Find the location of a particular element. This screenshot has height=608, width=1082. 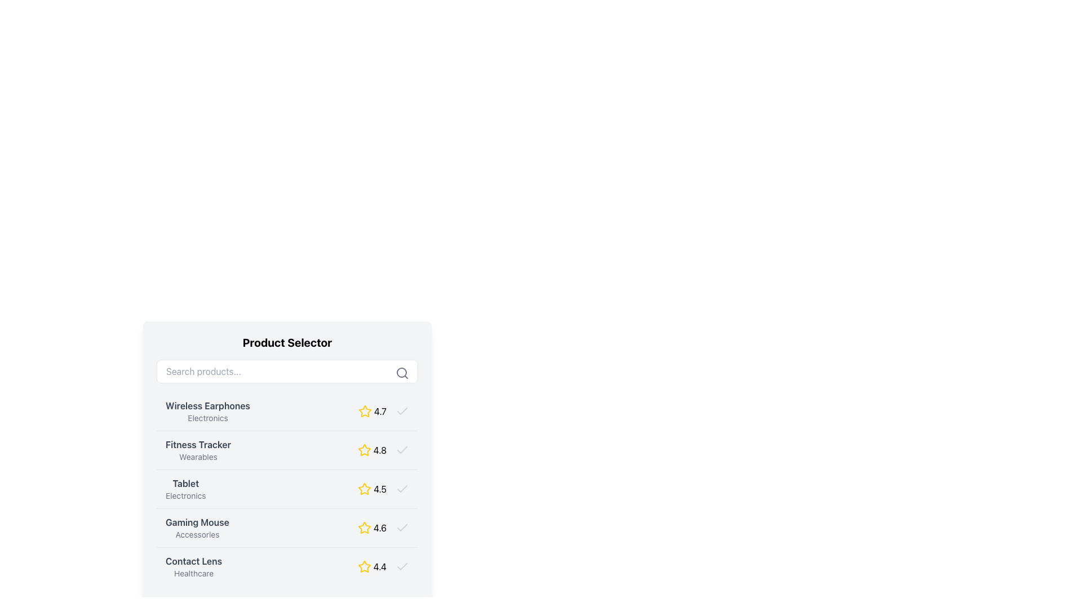

the text displaying the rating value '4.6' located to the right of the yellow star icon in the 'Gaming Mouse' list for copying is located at coordinates (380, 527).